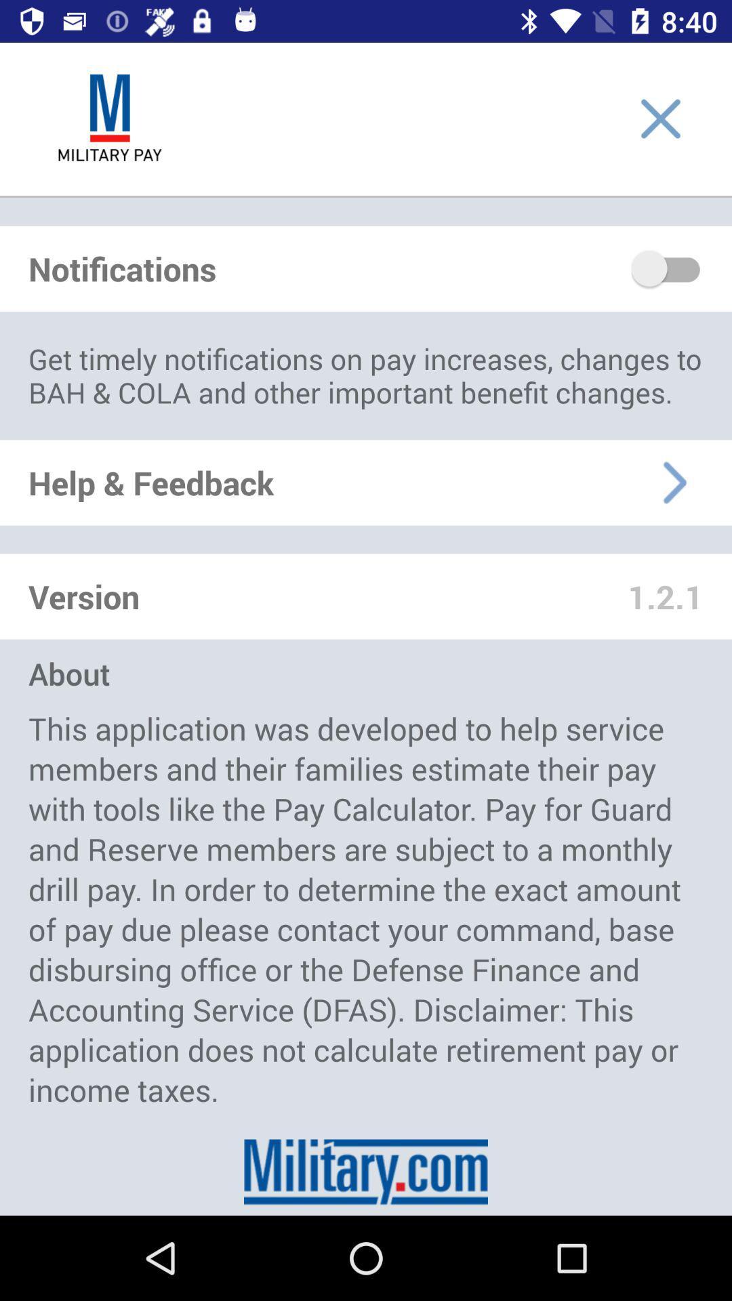  I want to click on back to military pay home, so click(109, 119).